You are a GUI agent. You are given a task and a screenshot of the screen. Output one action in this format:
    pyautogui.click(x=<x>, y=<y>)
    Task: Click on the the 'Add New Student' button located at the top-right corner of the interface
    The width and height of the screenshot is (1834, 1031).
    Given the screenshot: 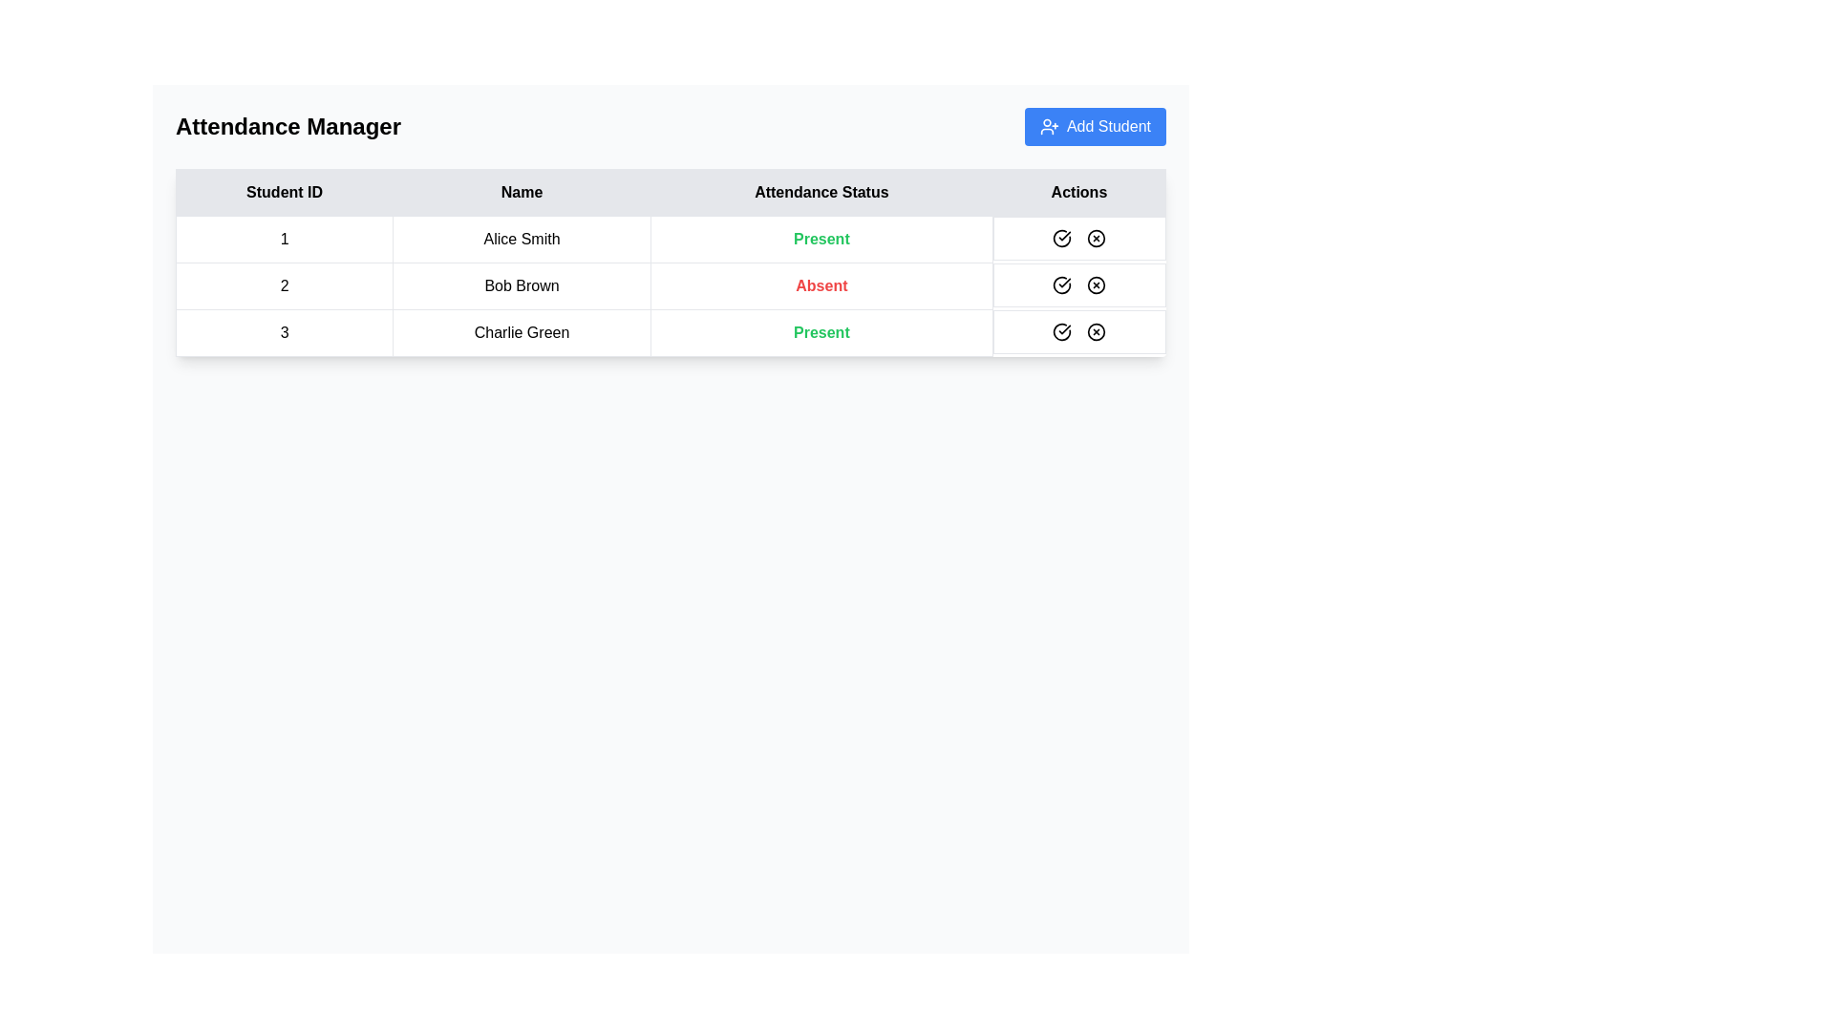 What is the action you would take?
    pyautogui.click(x=1096, y=126)
    